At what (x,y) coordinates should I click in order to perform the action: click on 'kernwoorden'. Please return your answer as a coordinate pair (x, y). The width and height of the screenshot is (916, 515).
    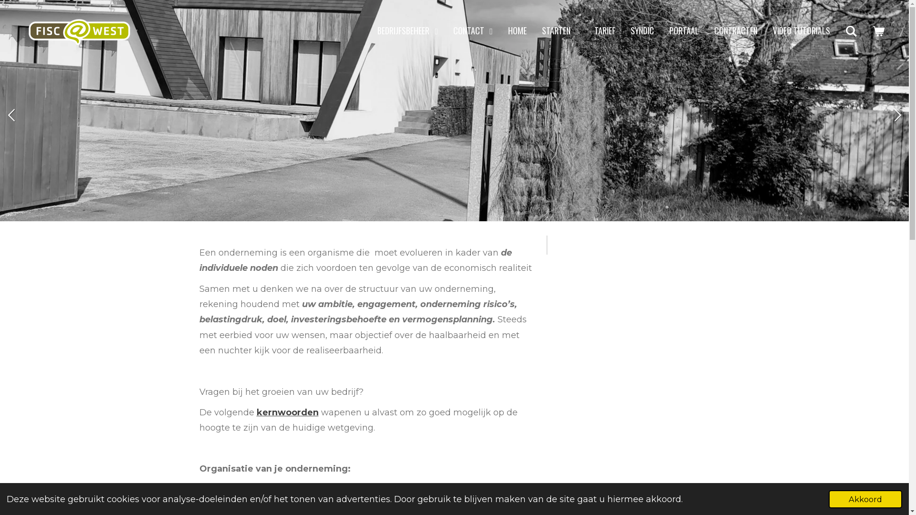
    Looking at the image, I should click on (287, 412).